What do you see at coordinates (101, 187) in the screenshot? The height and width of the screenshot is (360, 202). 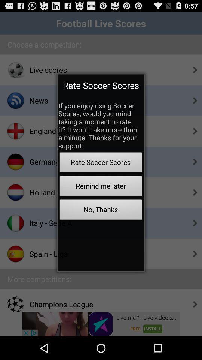 I see `the remind me later item` at bounding box center [101, 187].